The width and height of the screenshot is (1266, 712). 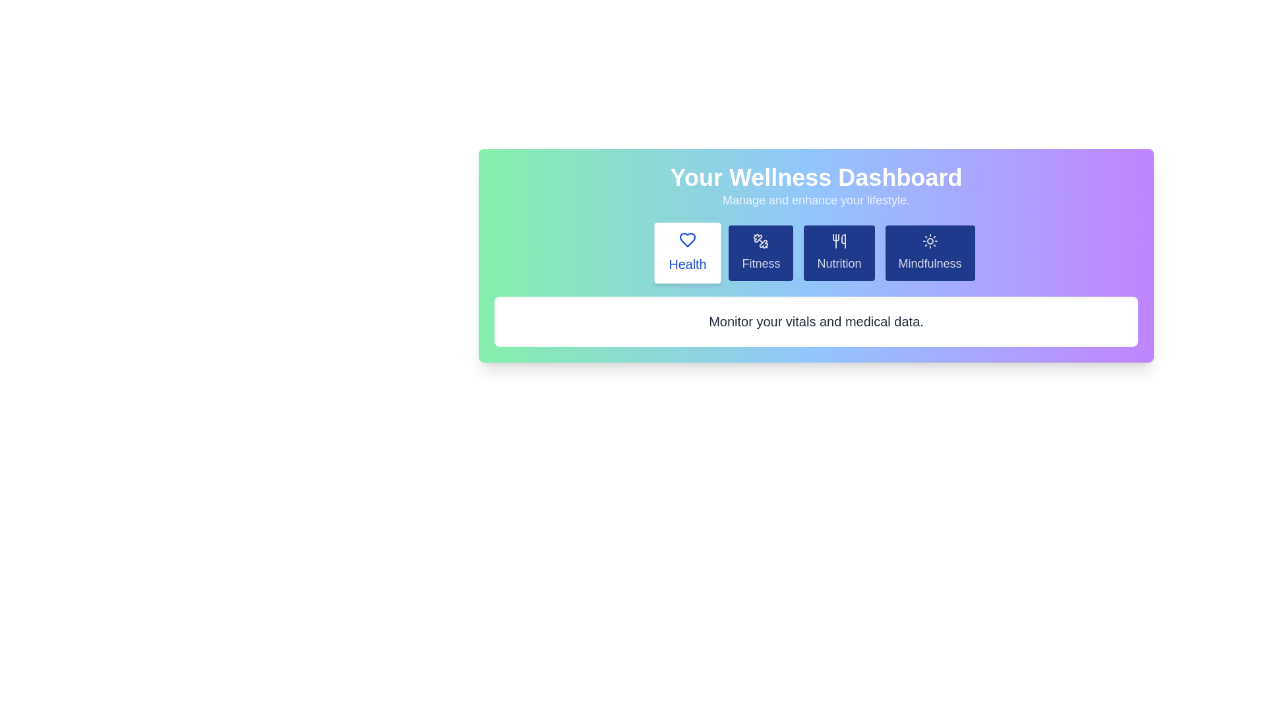 I want to click on the text 'Your Wellness Dashboard' to select it, so click(x=816, y=178).